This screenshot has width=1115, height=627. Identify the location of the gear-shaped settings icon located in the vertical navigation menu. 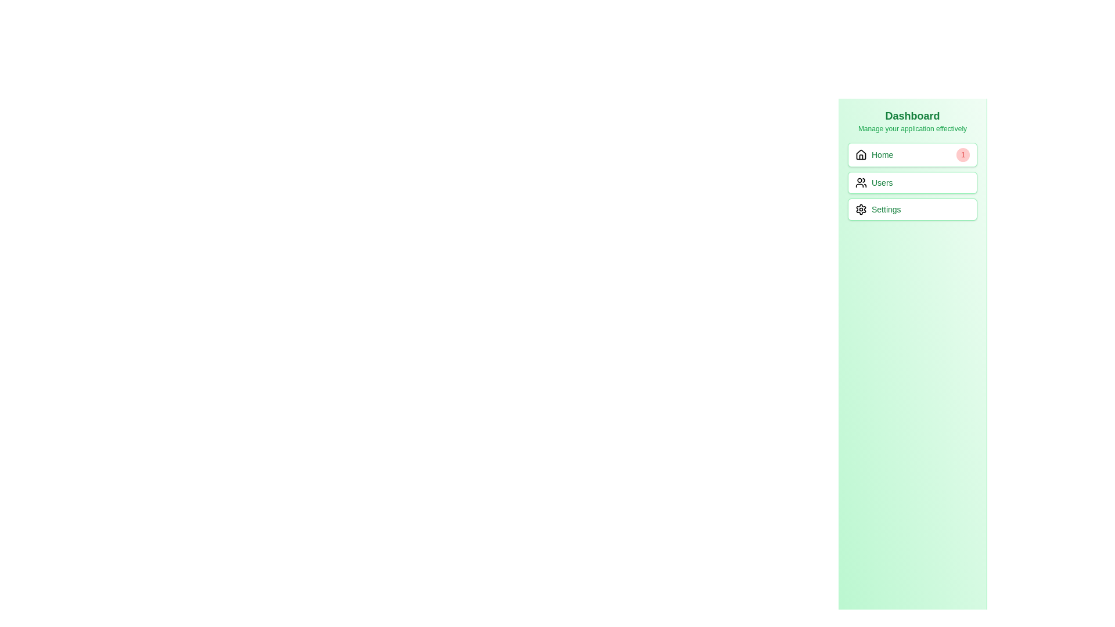
(861, 210).